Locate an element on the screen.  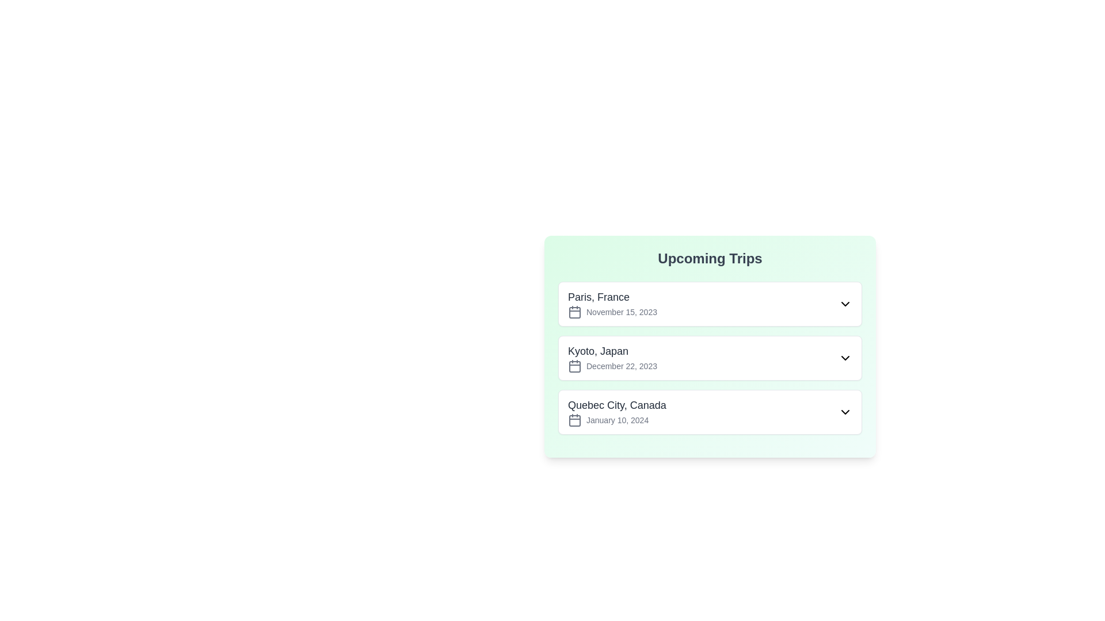
the text label element displaying 'Paris, France', which is the first entry under the 'Upcoming Trips' header is located at coordinates (612, 296).